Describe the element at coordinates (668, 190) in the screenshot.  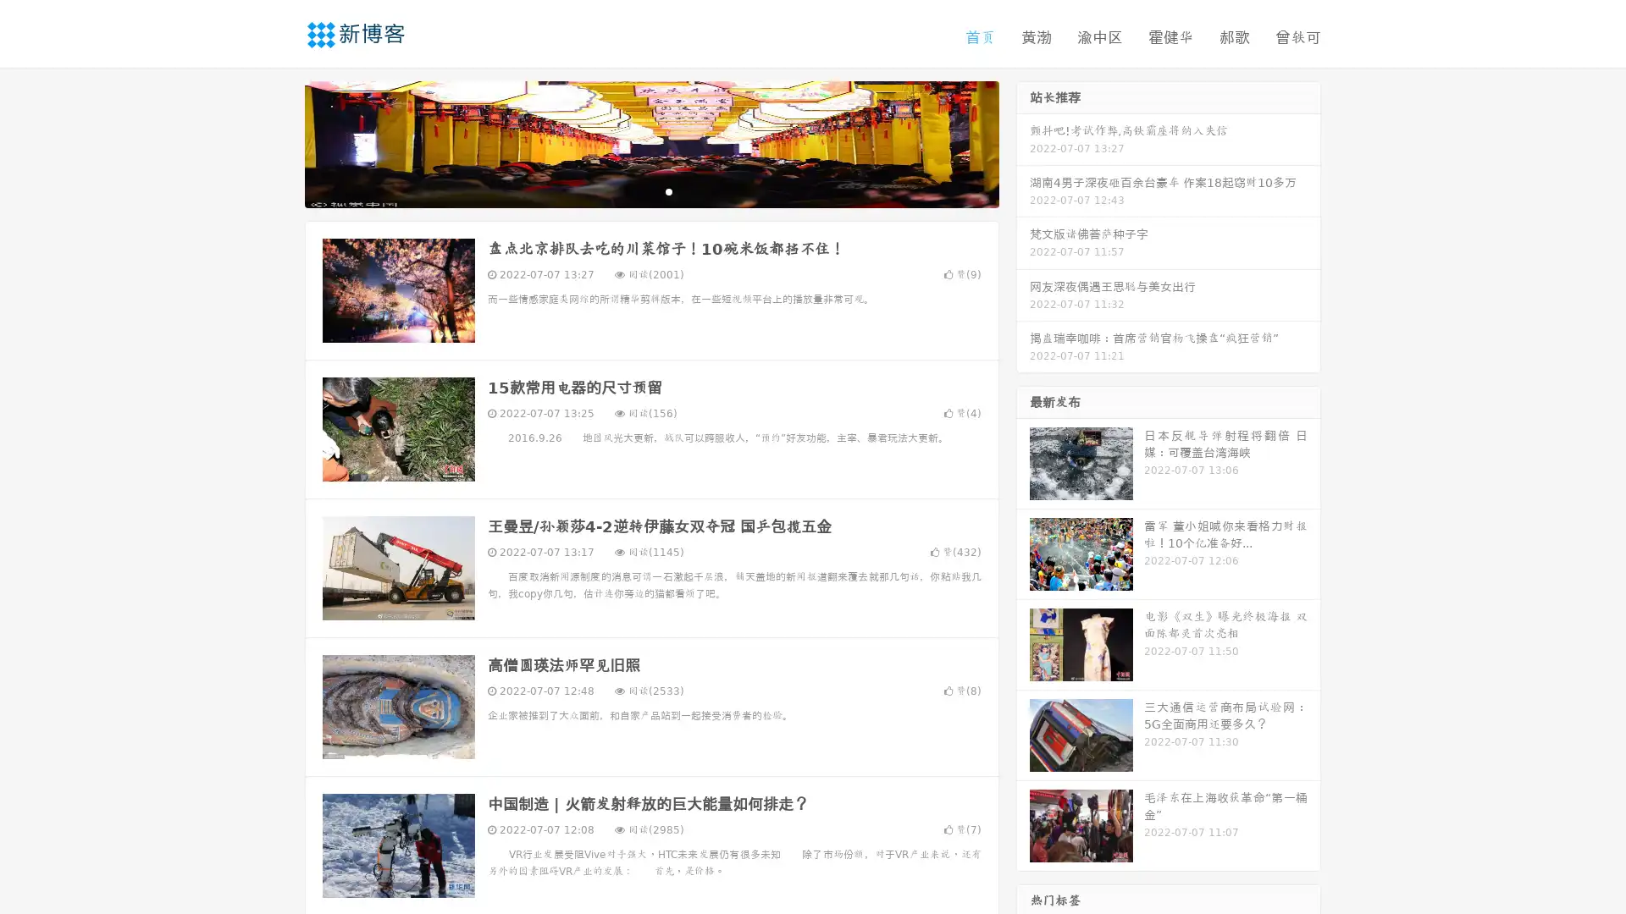
I see `Go to slide 3` at that location.